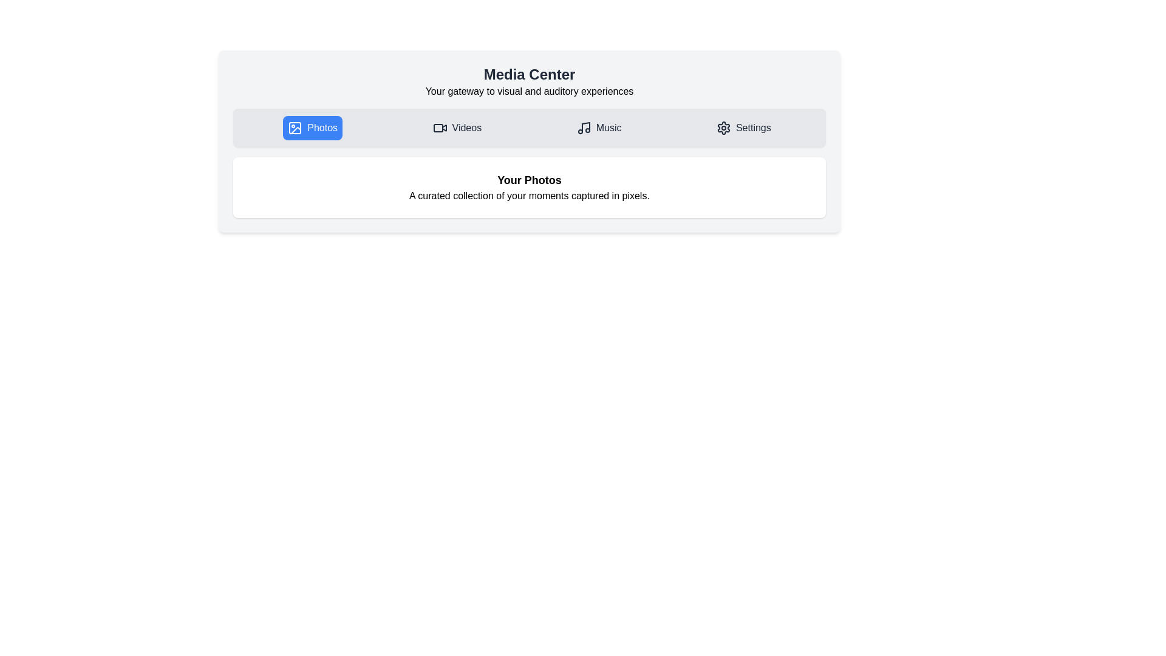 The image size is (1166, 656). What do you see at coordinates (439, 128) in the screenshot?
I see `the 'Videos' icon located on the left side of the 'Videos' label, which visually supports the label and may act as a button` at bounding box center [439, 128].